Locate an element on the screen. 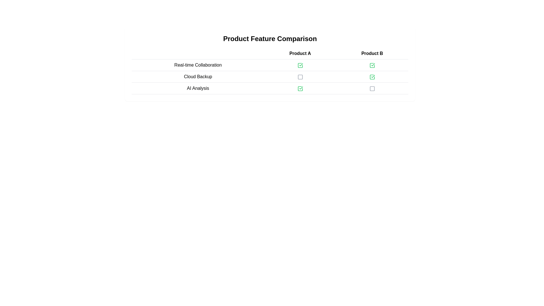 The width and height of the screenshot is (544, 306). icon representing feature availability for 'Product B' in the 'Real-time Collaboration' comparison table is located at coordinates (372, 65).